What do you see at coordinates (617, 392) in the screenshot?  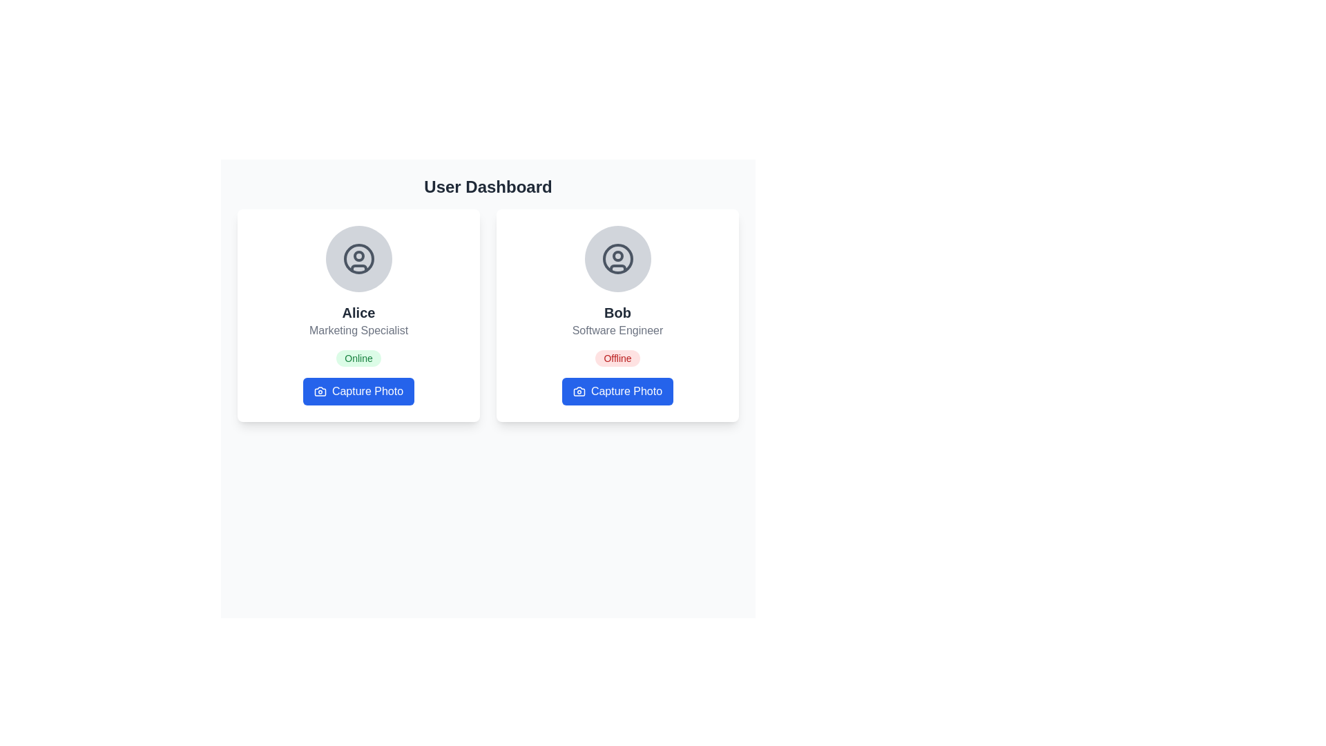 I see `the 'Capture Photo' button with a blue background, which features white text and a camera icon` at bounding box center [617, 392].